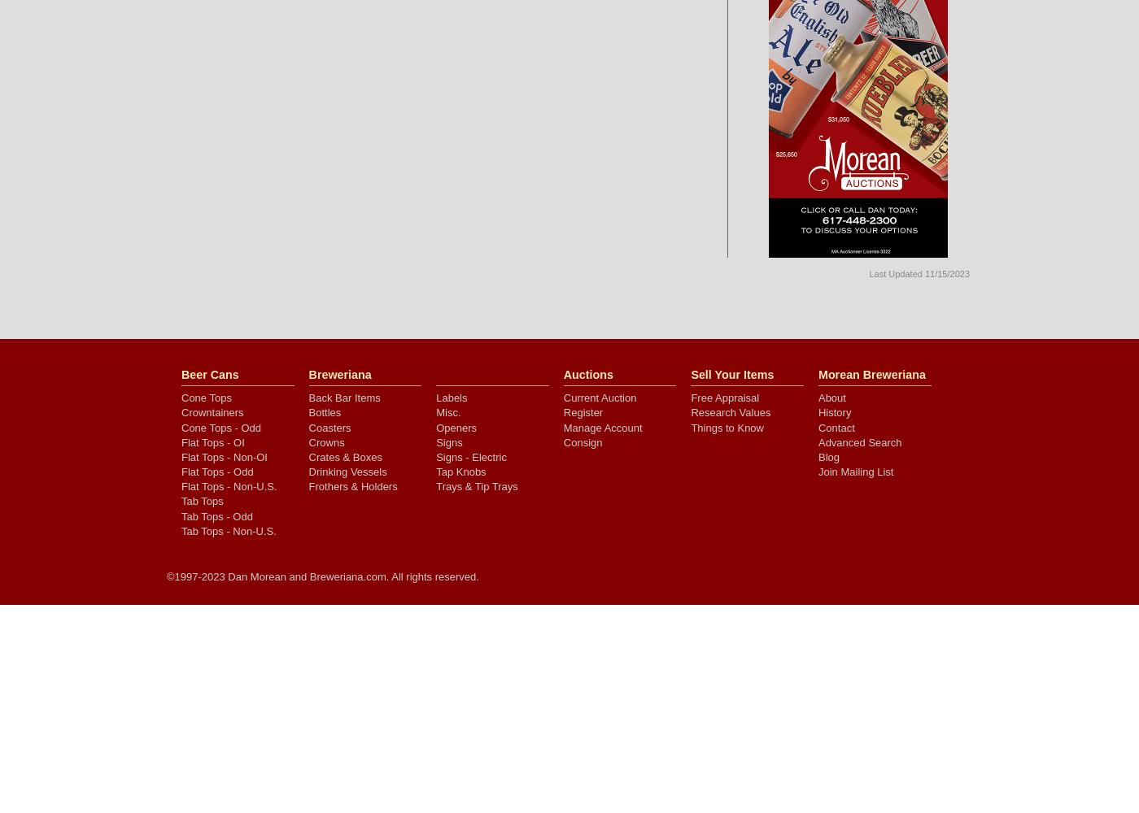  What do you see at coordinates (212, 412) in the screenshot?
I see `'Crowntainers'` at bounding box center [212, 412].